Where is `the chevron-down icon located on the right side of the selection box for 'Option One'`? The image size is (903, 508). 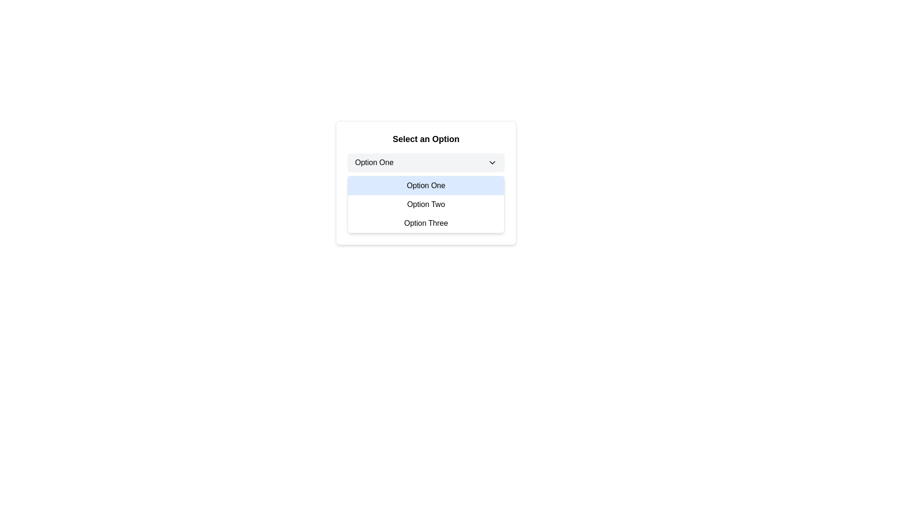 the chevron-down icon located on the right side of the selection box for 'Option One' is located at coordinates (491, 162).